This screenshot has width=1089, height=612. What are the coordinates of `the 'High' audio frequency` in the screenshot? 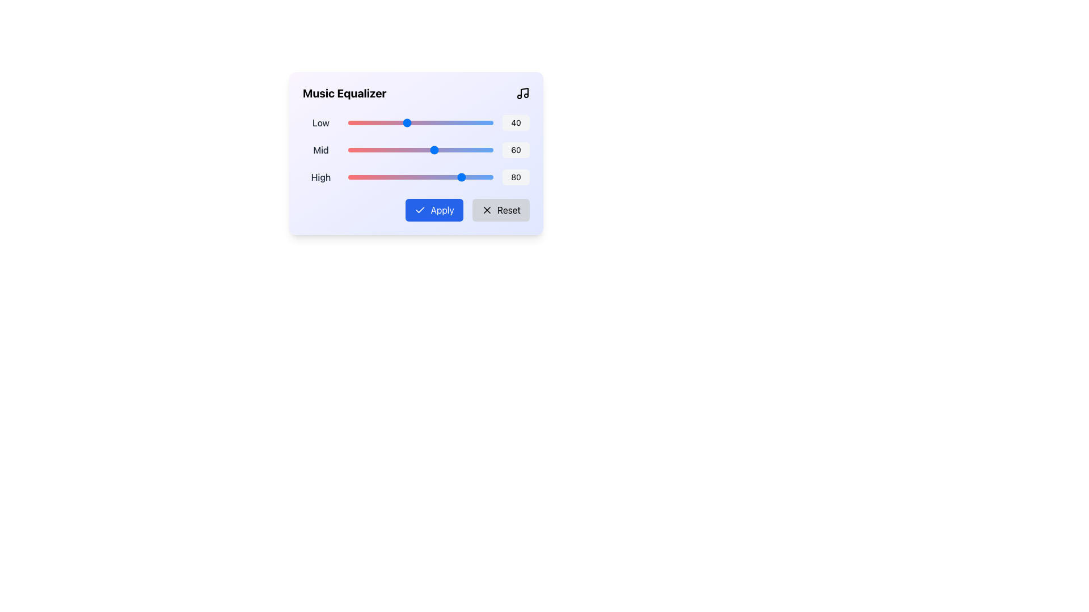 It's located at (365, 177).